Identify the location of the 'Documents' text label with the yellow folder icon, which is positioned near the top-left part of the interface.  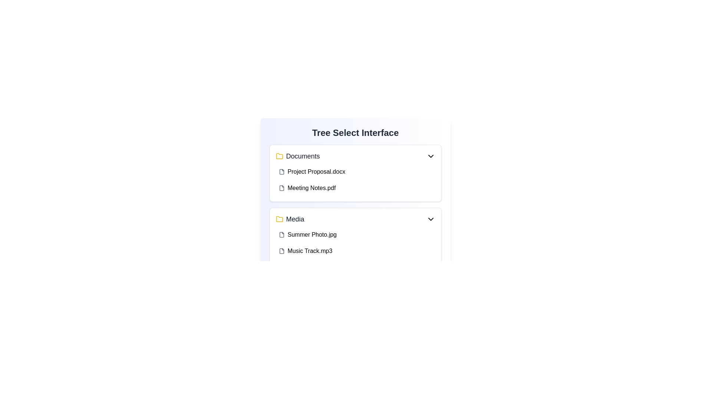
(297, 156).